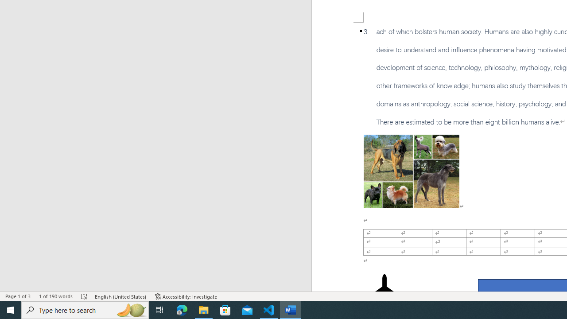 This screenshot has width=567, height=319. What do you see at coordinates (120, 296) in the screenshot?
I see `'Language English (United States)'` at bounding box center [120, 296].